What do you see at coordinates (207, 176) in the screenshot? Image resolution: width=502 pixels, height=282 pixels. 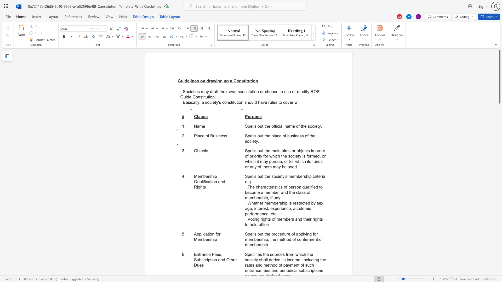 I see `the space between the continuous character "e" and "r" in the text` at bounding box center [207, 176].